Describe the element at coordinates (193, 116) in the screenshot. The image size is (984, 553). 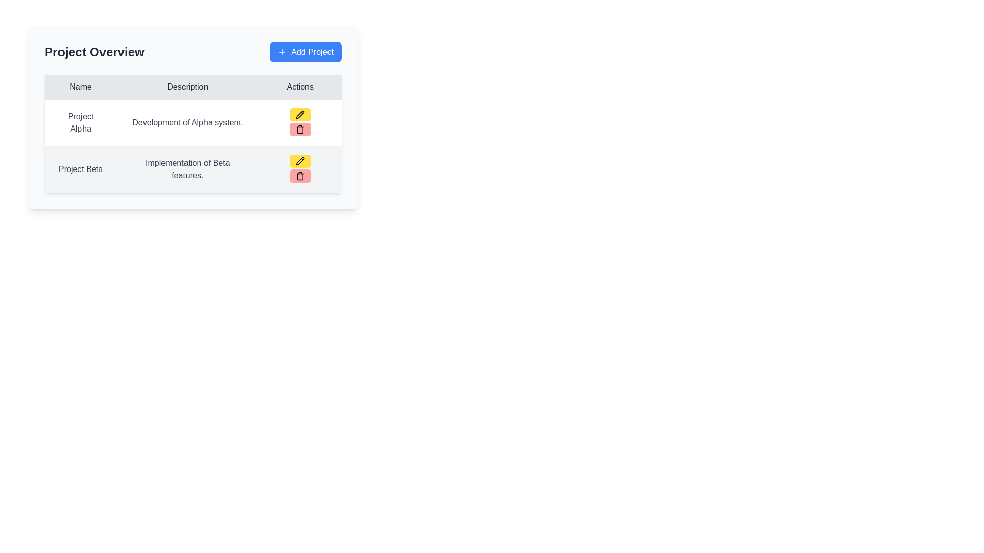
I see `the static text element that describes 'Project Alpha' located in the 'Description' column of the first data row within the table` at that location.